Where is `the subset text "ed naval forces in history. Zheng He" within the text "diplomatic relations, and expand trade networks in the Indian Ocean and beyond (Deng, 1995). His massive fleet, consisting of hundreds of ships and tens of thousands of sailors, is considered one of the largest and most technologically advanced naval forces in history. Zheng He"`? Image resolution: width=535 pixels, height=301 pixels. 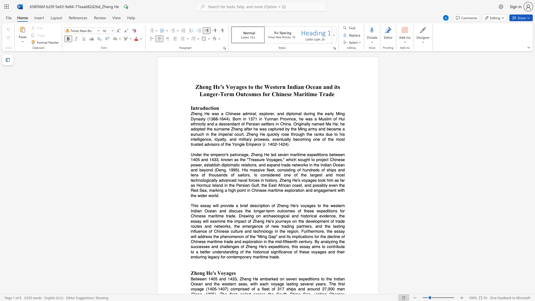 the subset text "ed naval forces in history. Zheng He" within the text "diplomatic relations, and expand trade networks in the Indian Ocean and beyond (Deng, 1995). His massive fleet, consisting of hundreds of ships and tens of thousands of sailors, is considered one of the largest and most technologically advanced naval forces in history. Zheng He" is located at coordinates (232, 180).